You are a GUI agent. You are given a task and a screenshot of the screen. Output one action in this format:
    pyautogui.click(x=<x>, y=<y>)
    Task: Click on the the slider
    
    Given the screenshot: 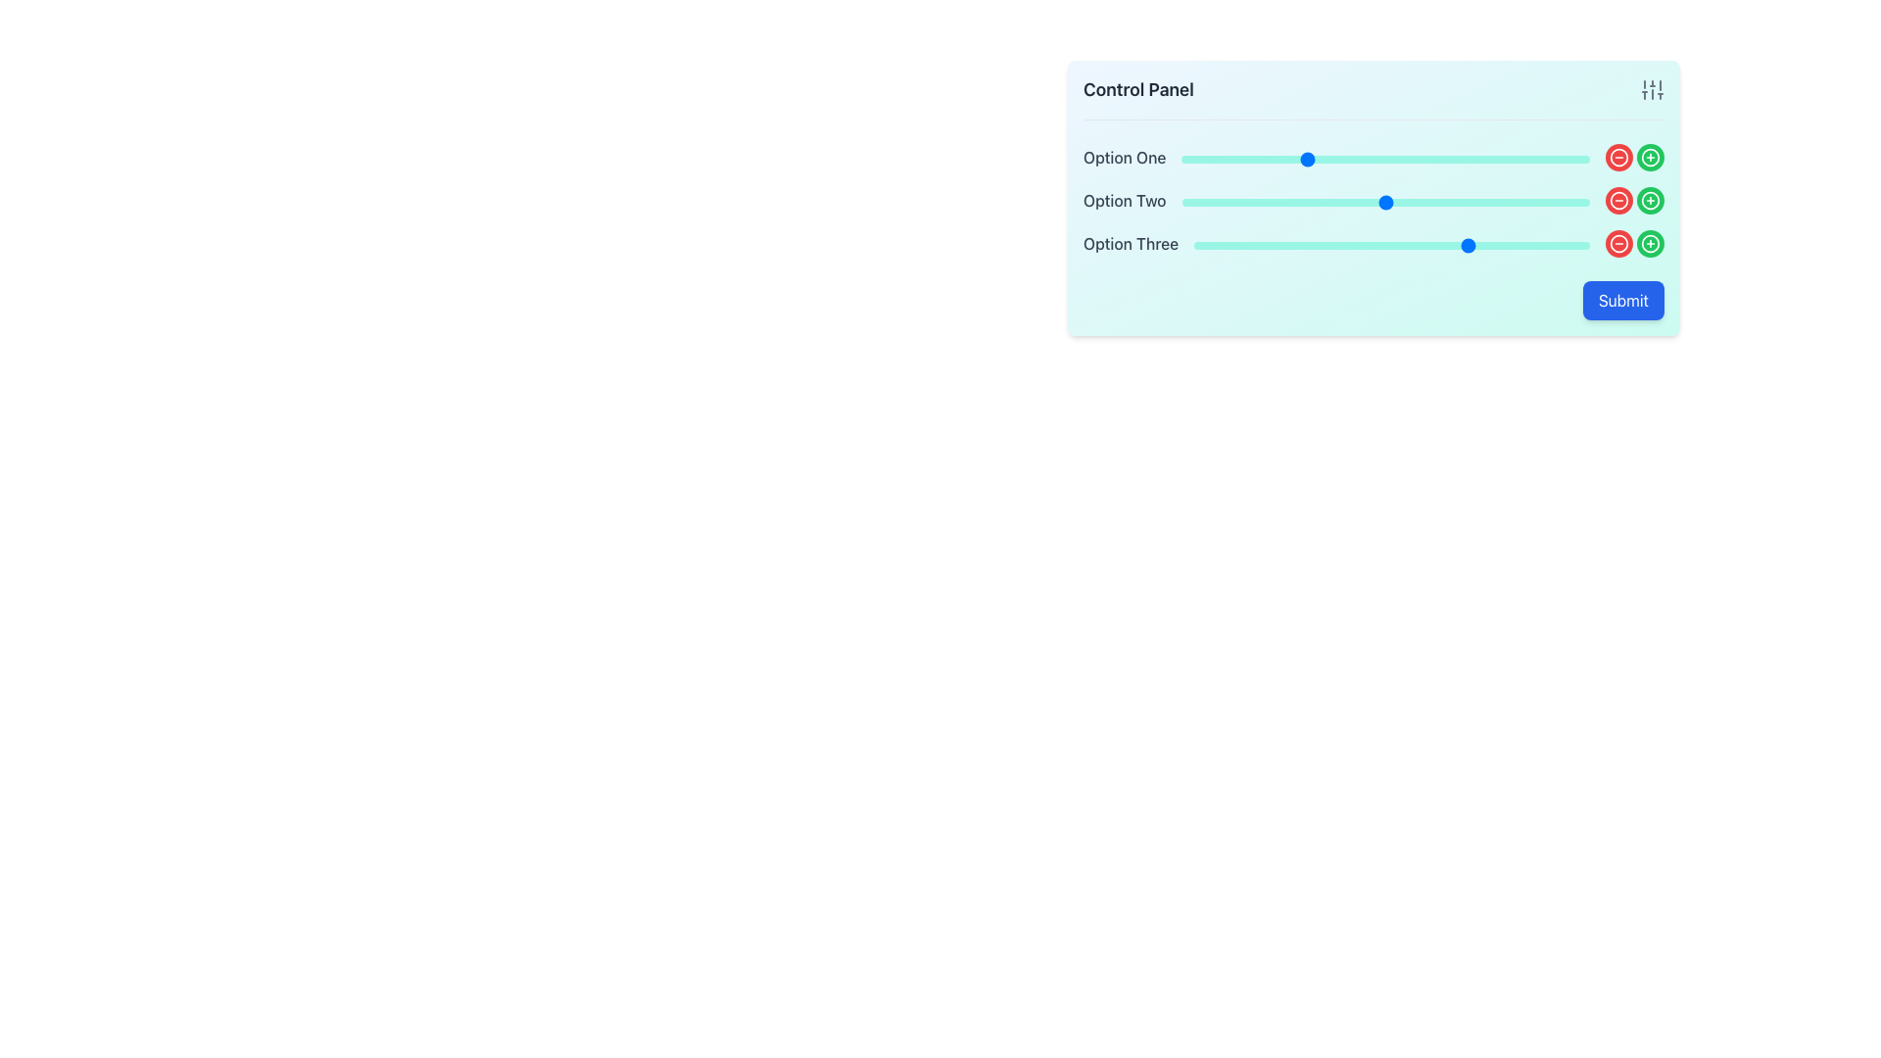 What is the action you would take?
    pyautogui.click(x=1380, y=203)
    